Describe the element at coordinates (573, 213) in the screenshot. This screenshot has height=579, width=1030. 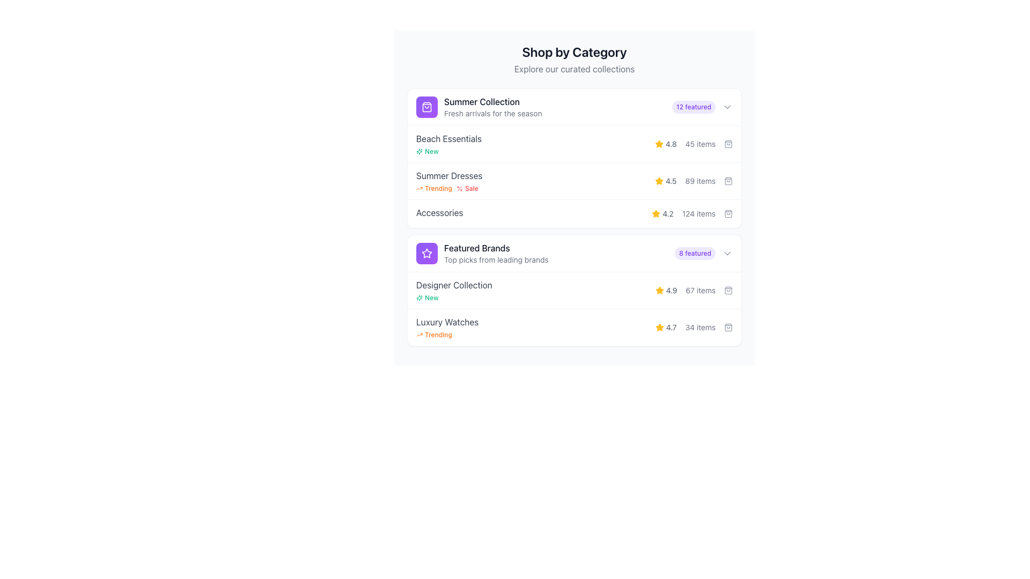
I see `the fourth row in the 'Shop by Category' section, which is labeled 'Accessories'` at that location.